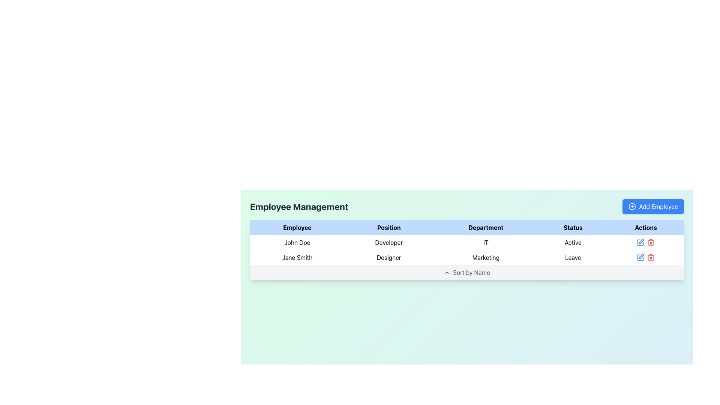 The width and height of the screenshot is (720, 405). I want to click on the 'Actions' text label located in the top-right corner of the table header, which serves as a header title for action-related icons or buttons, so click(645, 227).